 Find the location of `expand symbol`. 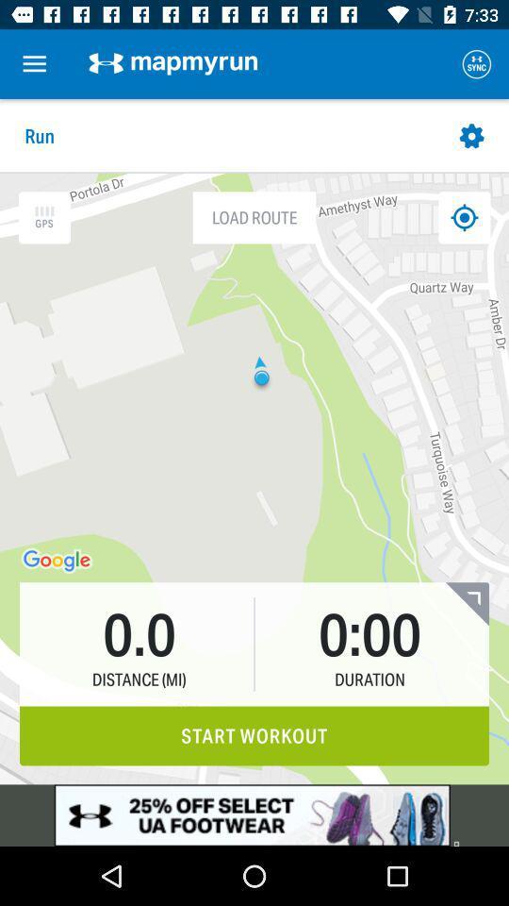

expand symbol is located at coordinates (466, 603).